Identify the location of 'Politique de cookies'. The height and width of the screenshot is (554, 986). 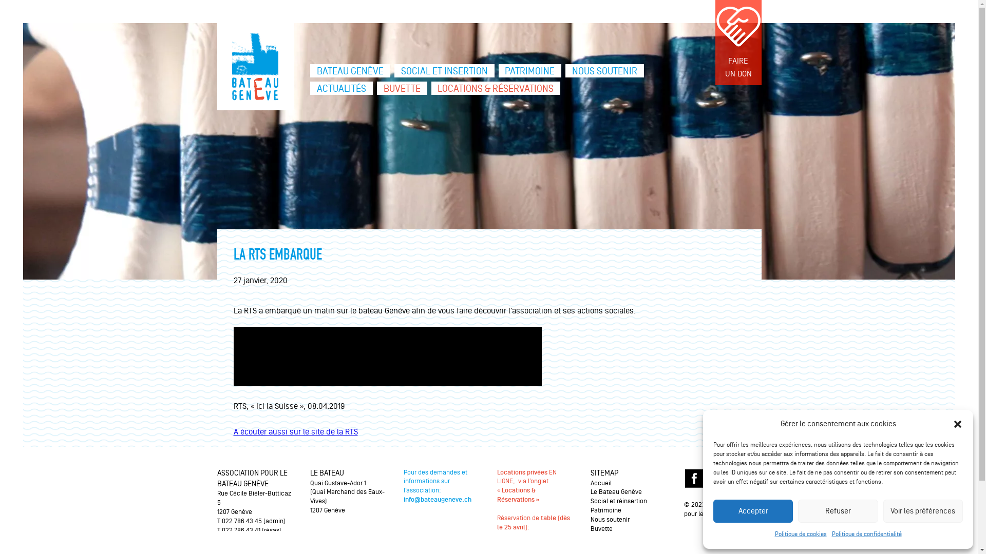
(800, 533).